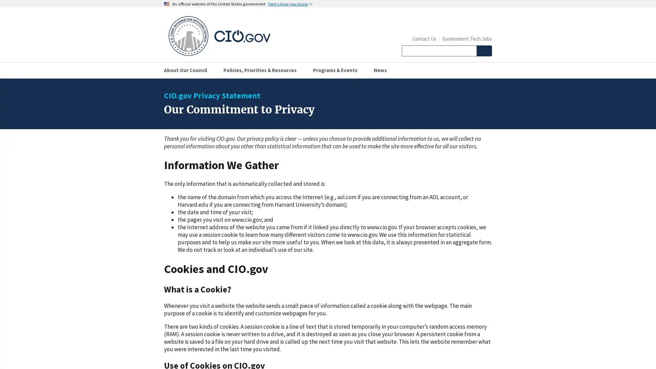 This screenshot has width=656, height=369. I want to click on Search, so click(483, 51).